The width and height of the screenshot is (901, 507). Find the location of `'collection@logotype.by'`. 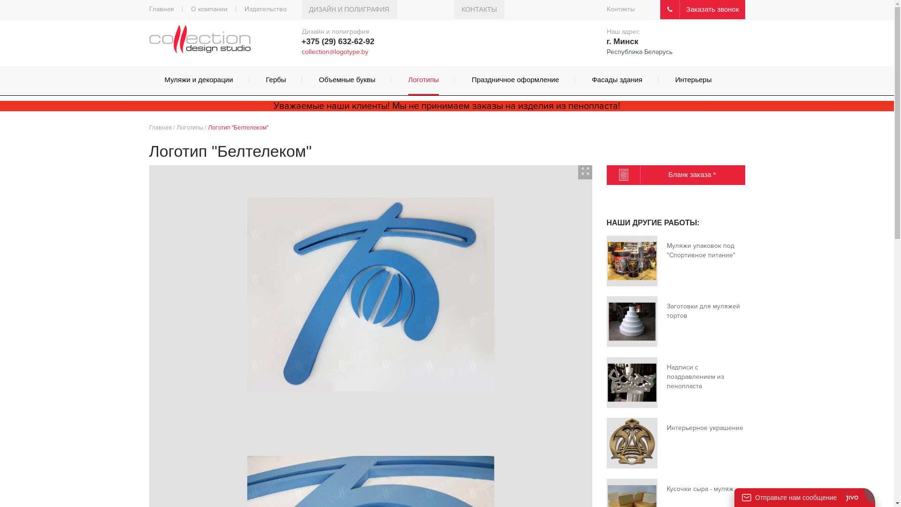

'collection@logotype.by' is located at coordinates (301, 52).